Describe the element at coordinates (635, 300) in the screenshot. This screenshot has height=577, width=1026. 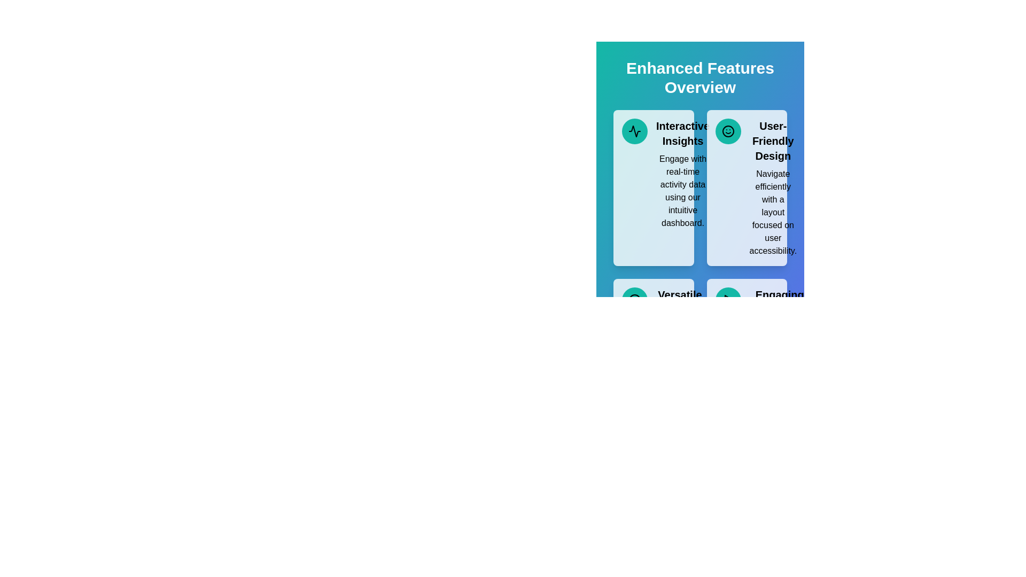
I see `the decorative SVG graphic element located within the teal circular button in the second row of feature cards, beneath the first card of the overview section` at that location.